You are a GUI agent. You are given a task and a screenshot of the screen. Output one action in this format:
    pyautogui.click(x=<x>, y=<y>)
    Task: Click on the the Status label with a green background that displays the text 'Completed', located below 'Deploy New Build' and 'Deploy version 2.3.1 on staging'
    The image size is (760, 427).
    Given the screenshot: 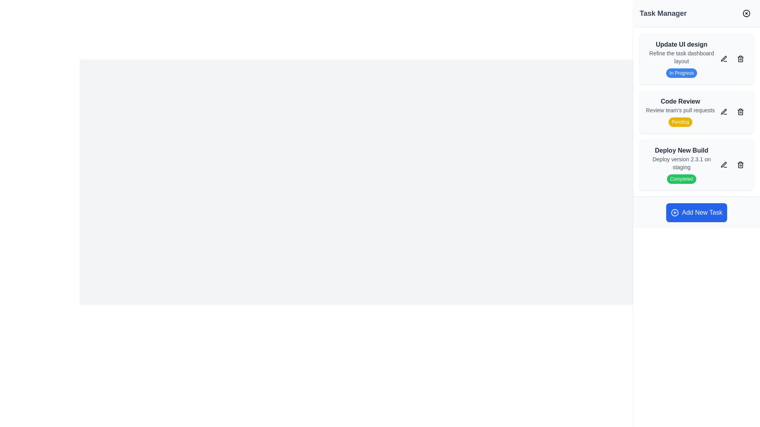 What is the action you would take?
    pyautogui.click(x=681, y=179)
    